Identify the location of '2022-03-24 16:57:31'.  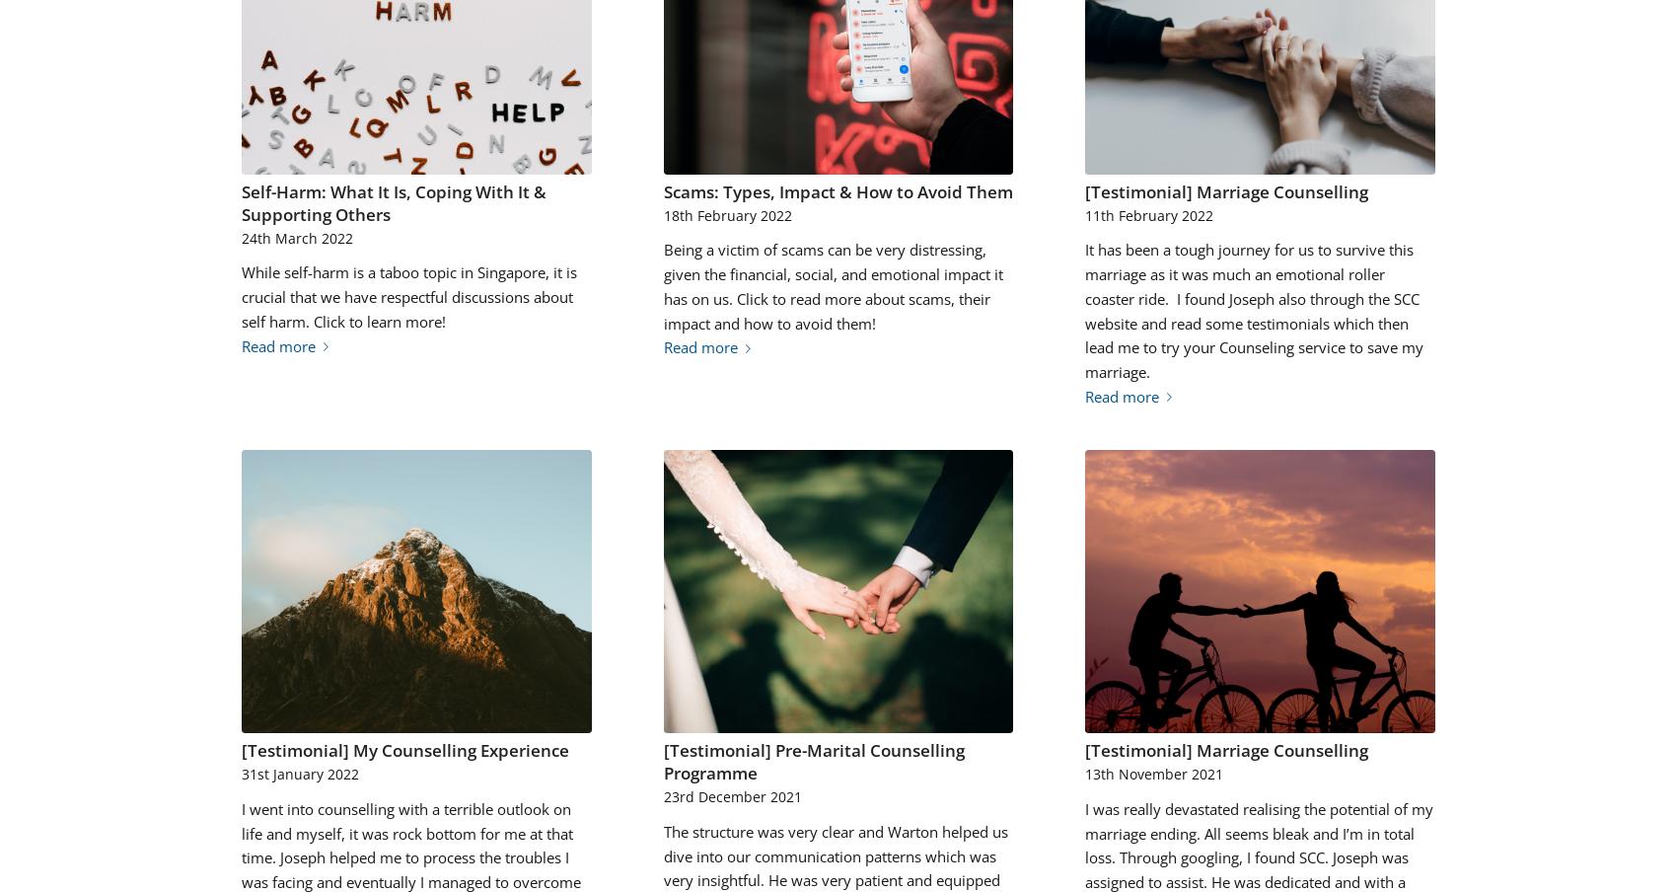
(241, 61).